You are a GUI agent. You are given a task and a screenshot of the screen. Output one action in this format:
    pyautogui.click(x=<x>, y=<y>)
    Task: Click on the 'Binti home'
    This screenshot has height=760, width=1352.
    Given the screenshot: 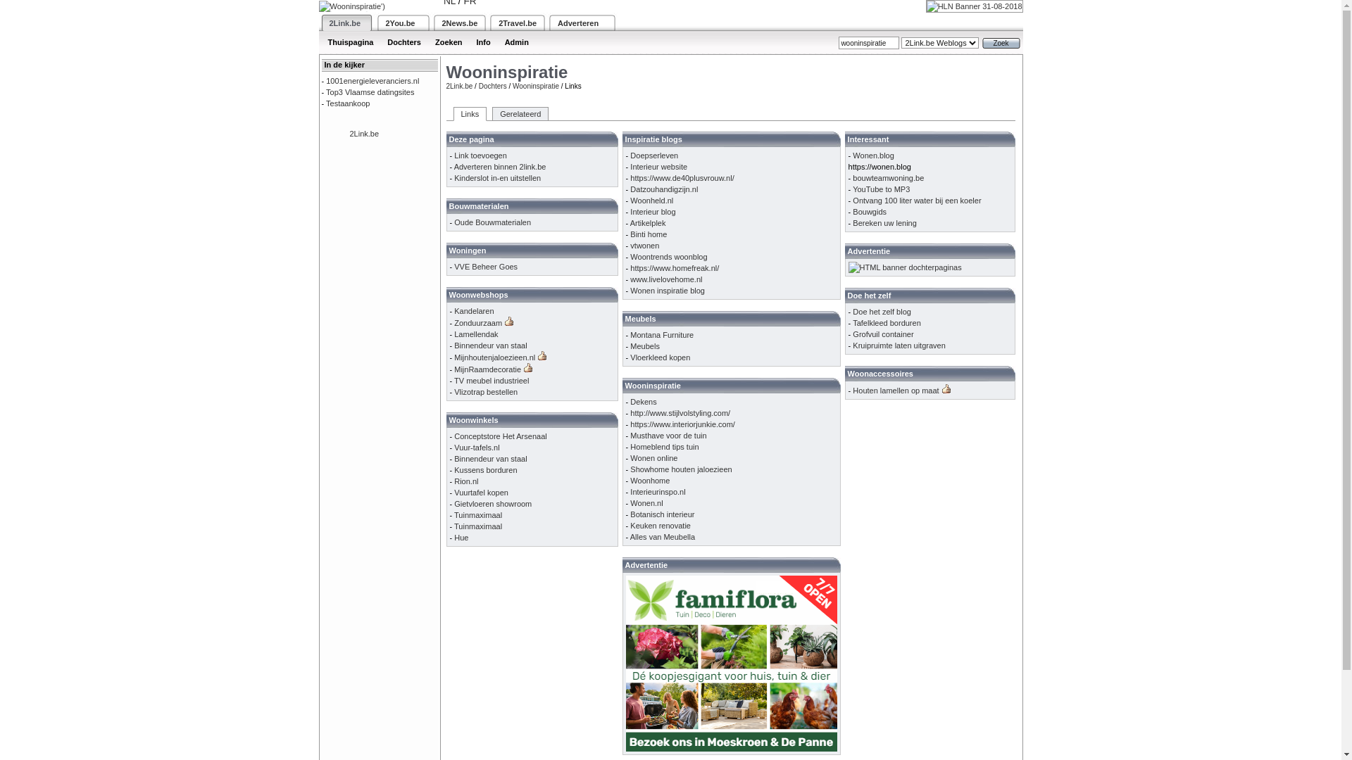 What is the action you would take?
    pyautogui.click(x=648, y=233)
    